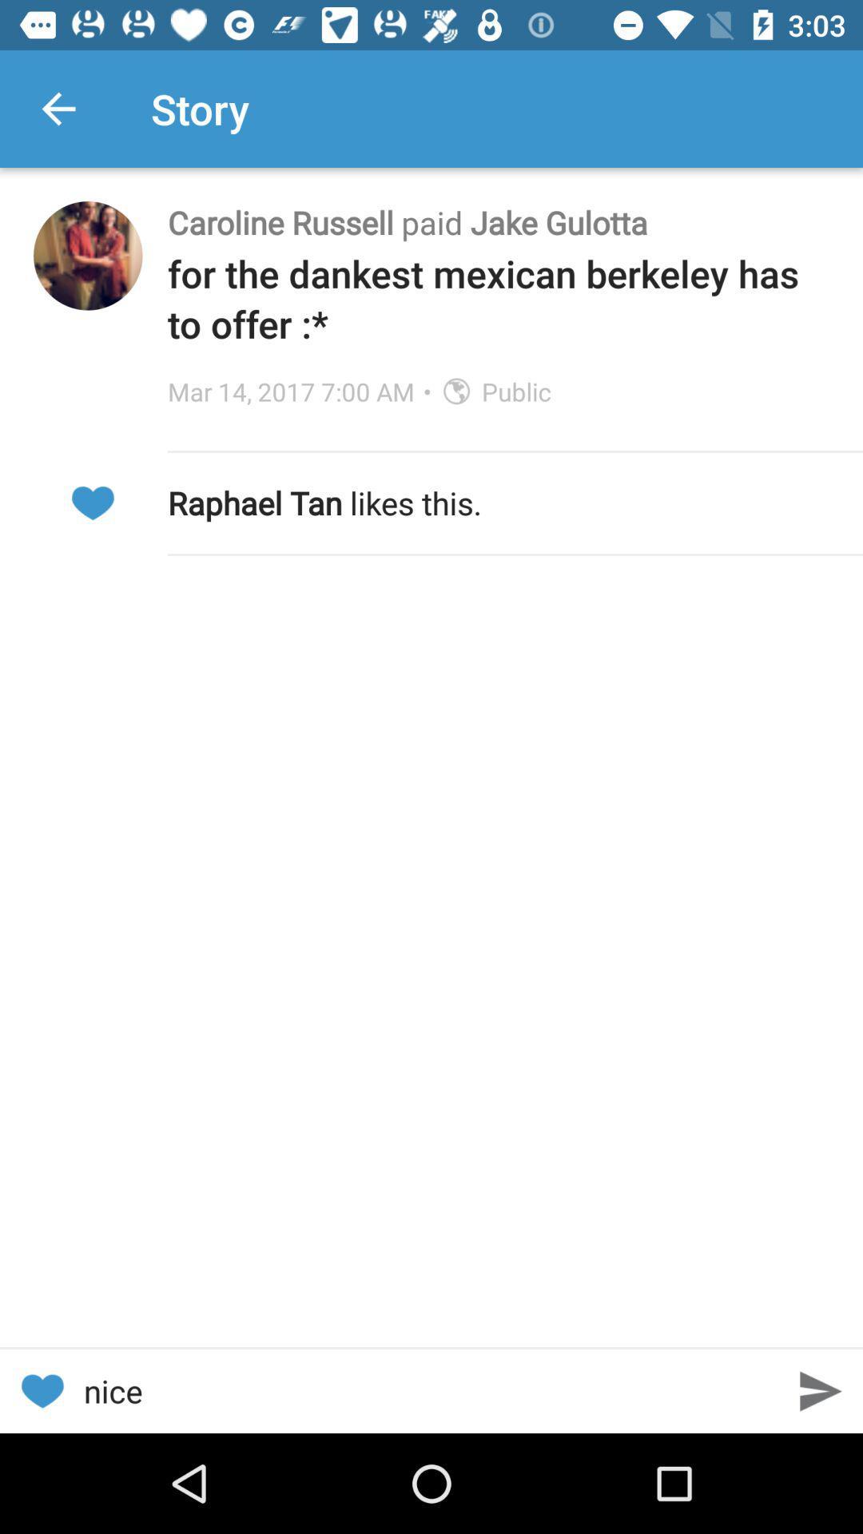 This screenshot has height=1534, width=863. Describe the element at coordinates (41, 1390) in the screenshot. I see `mark as favorite` at that location.